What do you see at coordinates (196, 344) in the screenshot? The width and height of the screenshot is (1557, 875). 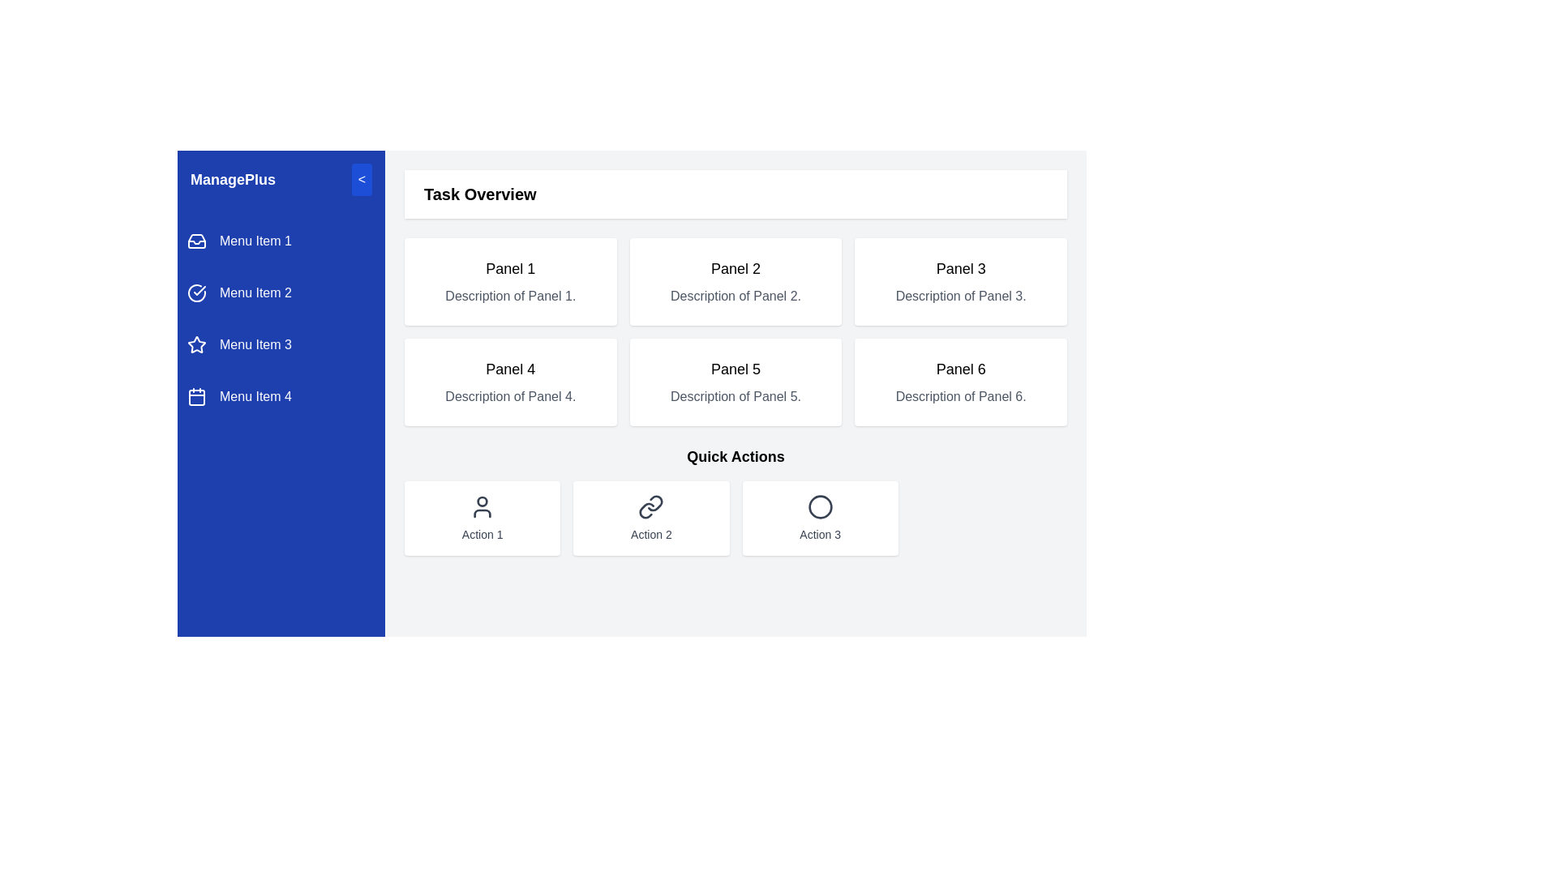 I see `the blue-filled star icon with a white inner border located in the vertical navigation menu` at bounding box center [196, 344].